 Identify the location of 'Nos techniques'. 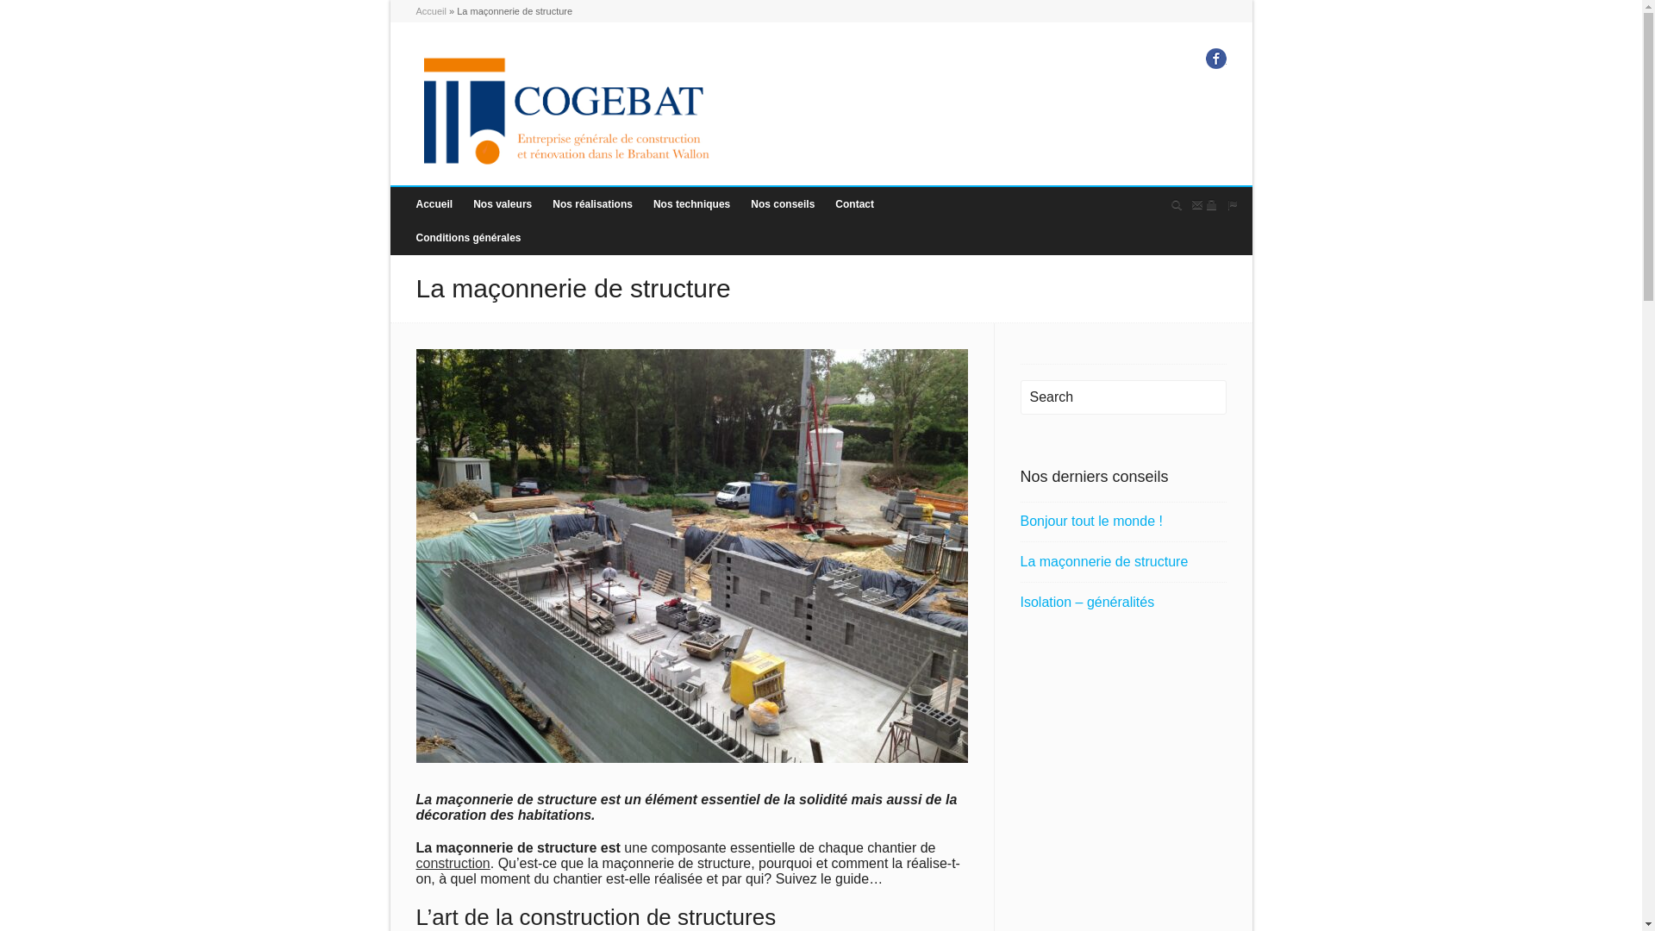
(691, 203).